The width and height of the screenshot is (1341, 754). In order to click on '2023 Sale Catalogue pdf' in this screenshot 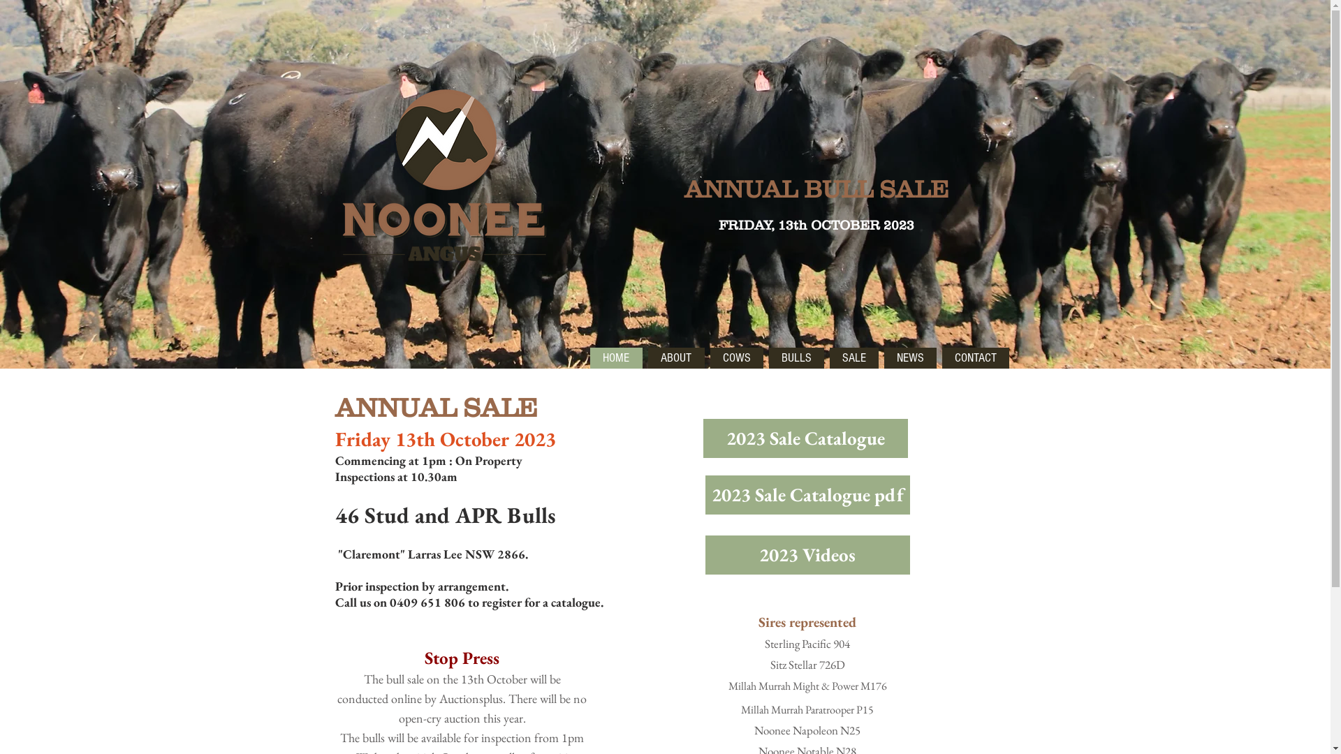, I will do `click(807, 494)`.